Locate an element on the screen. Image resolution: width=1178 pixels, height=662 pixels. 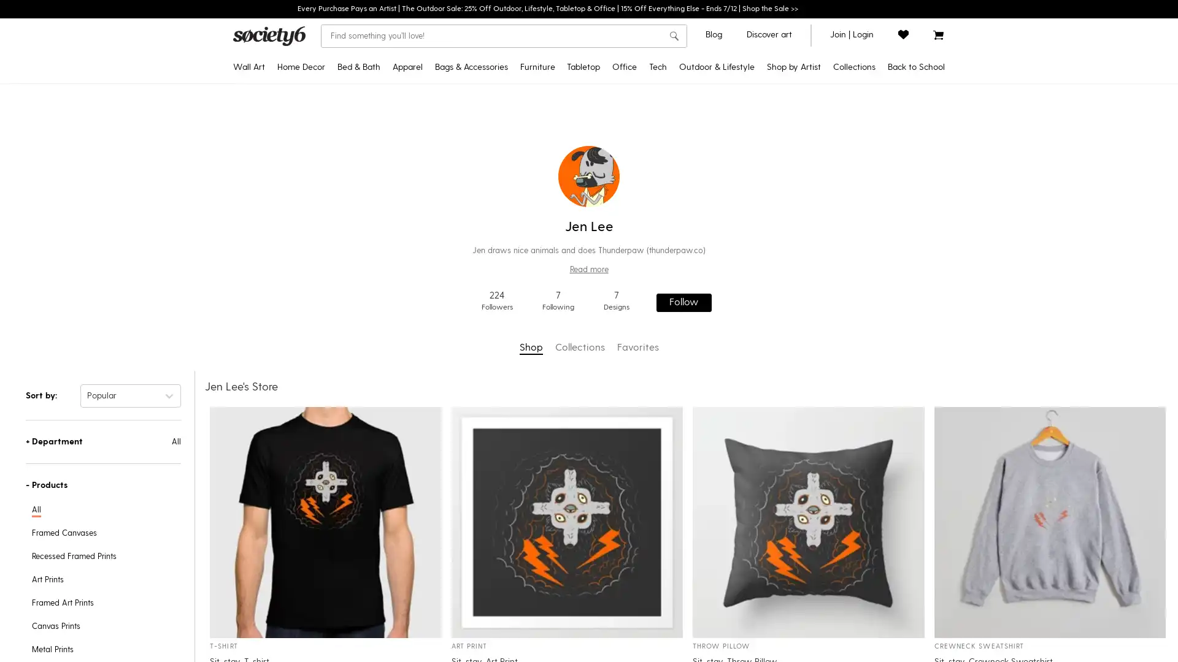
DIY Bedding Kits is located at coordinates (882, 118).